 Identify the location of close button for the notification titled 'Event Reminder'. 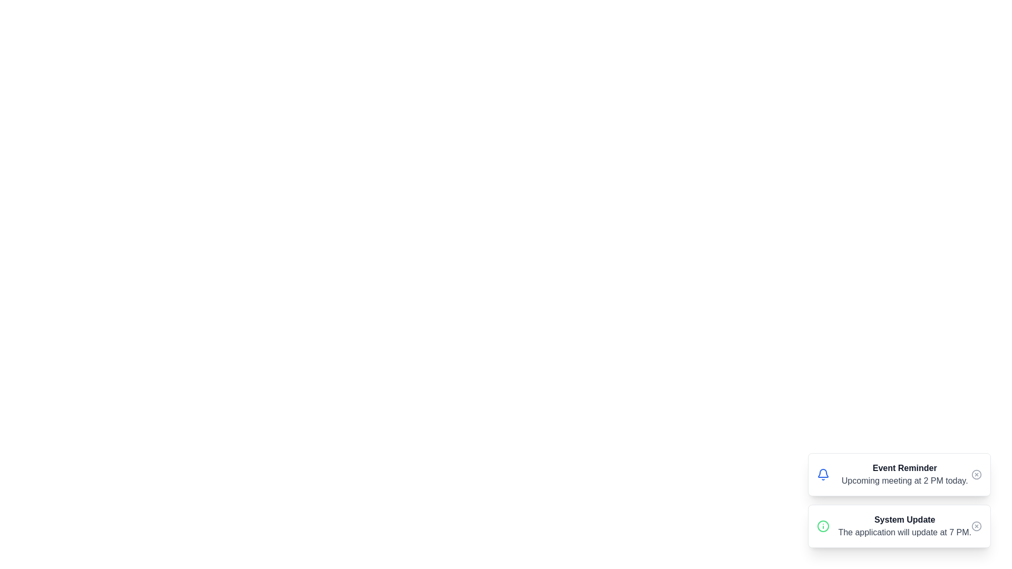
(976, 475).